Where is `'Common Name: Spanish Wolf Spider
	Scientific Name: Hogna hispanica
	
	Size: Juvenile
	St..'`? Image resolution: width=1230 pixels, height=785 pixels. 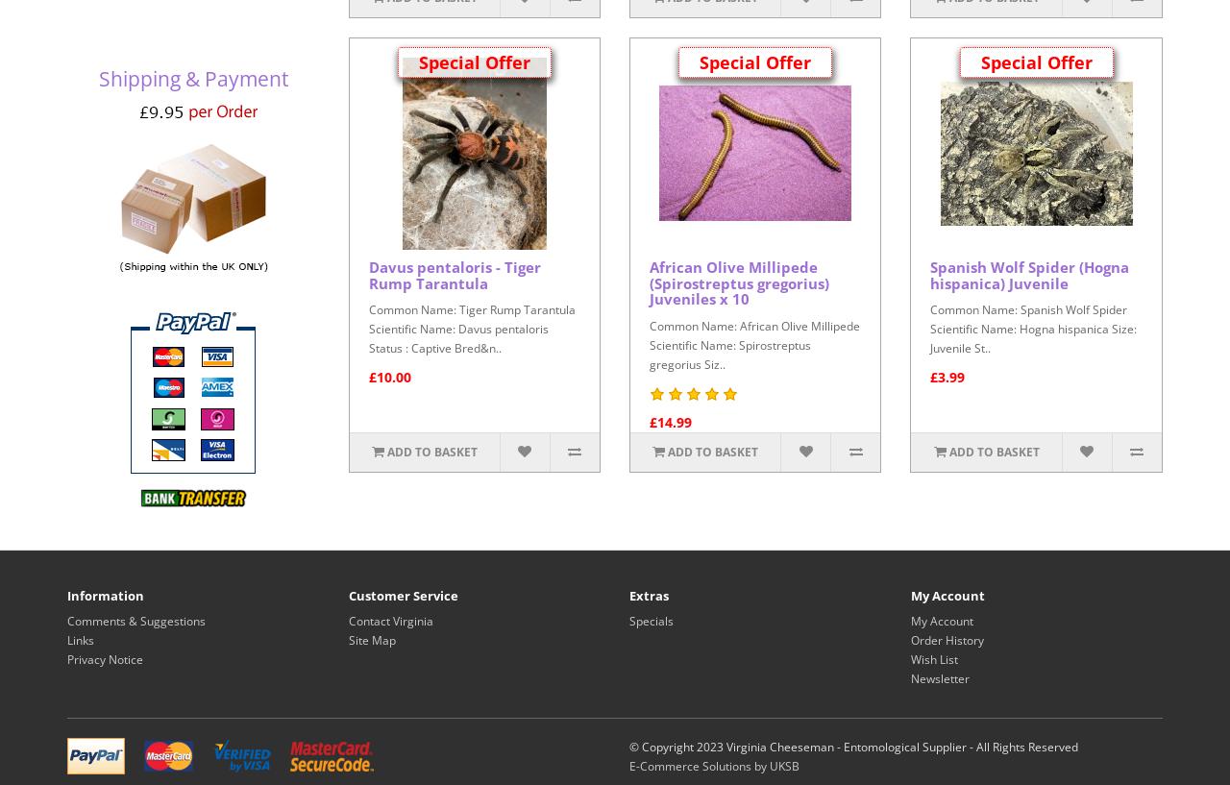
'Common Name: Spanish Wolf Spider
	Scientific Name: Hogna hispanica
	
	Size: Juvenile
	St..' is located at coordinates (1032, 328).